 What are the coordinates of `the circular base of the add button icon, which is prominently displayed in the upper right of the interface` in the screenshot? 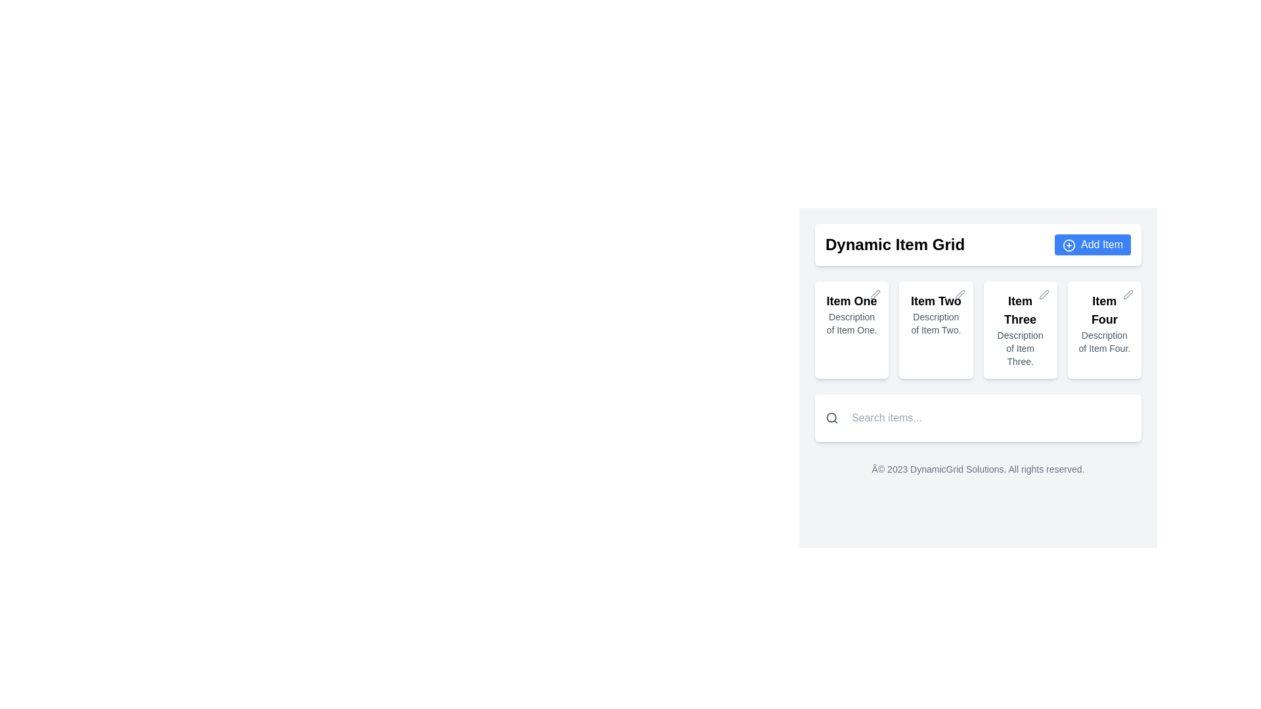 It's located at (1069, 245).